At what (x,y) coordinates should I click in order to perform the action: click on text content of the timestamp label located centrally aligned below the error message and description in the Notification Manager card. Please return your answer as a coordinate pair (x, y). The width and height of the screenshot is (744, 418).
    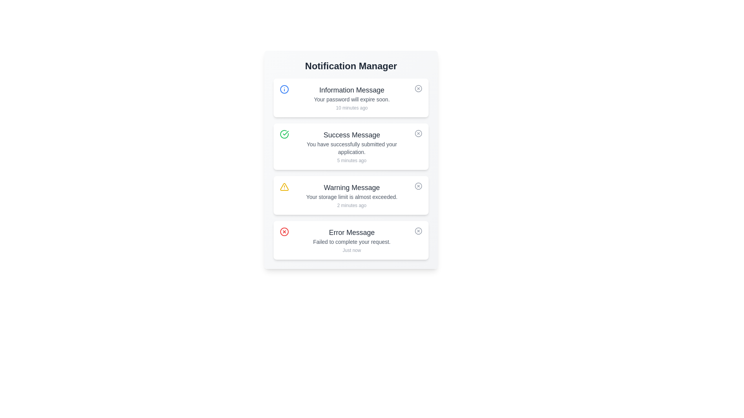
    Looking at the image, I should click on (351, 250).